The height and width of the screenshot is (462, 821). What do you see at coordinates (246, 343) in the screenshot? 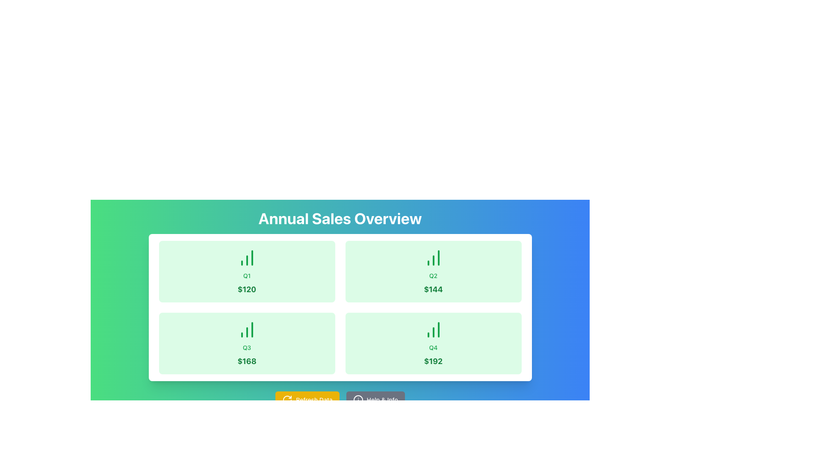
I see `the static information card displaying quarterly sales data for Q3, which emphasizes a value of $168, located in the bottom-left position of the grid` at bounding box center [246, 343].